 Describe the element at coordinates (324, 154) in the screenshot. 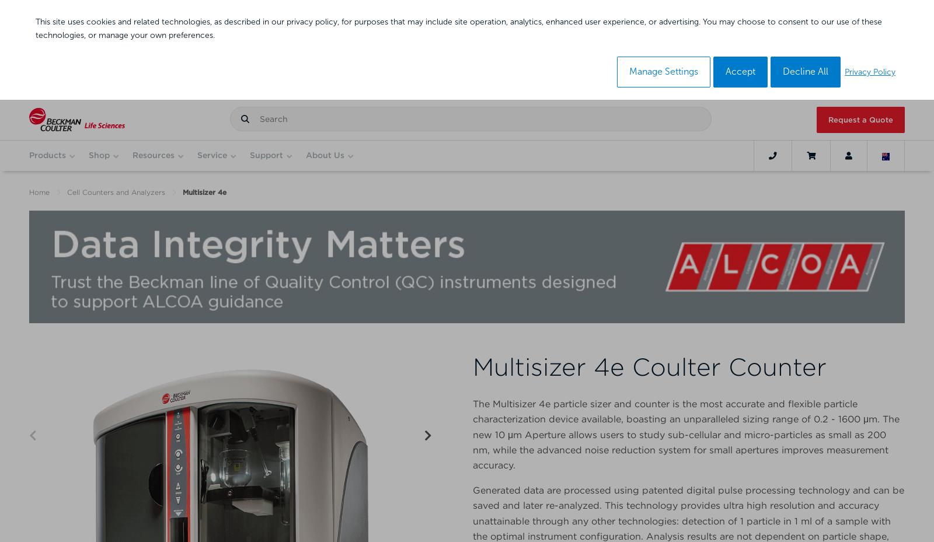

I see `'About Us'` at that location.